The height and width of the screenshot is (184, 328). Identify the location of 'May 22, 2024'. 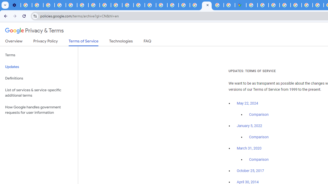
(248, 103).